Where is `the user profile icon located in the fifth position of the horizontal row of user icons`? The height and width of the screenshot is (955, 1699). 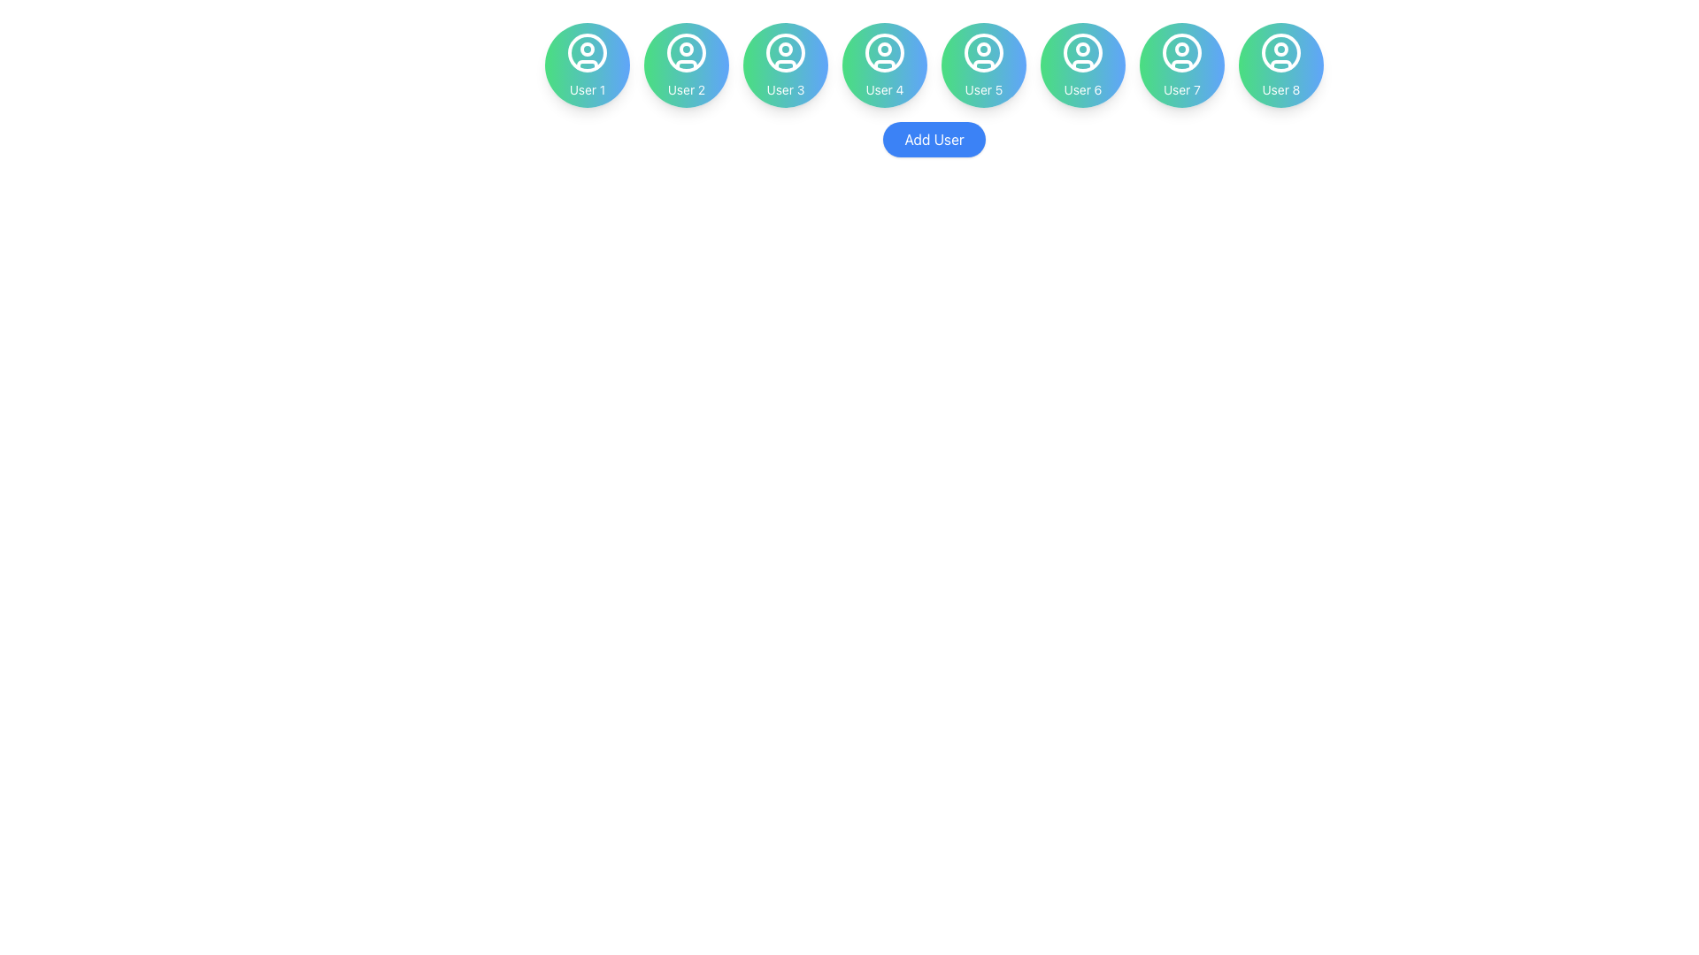
the user profile icon located in the fifth position of the horizontal row of user icons is located at coordinates (983, 52).